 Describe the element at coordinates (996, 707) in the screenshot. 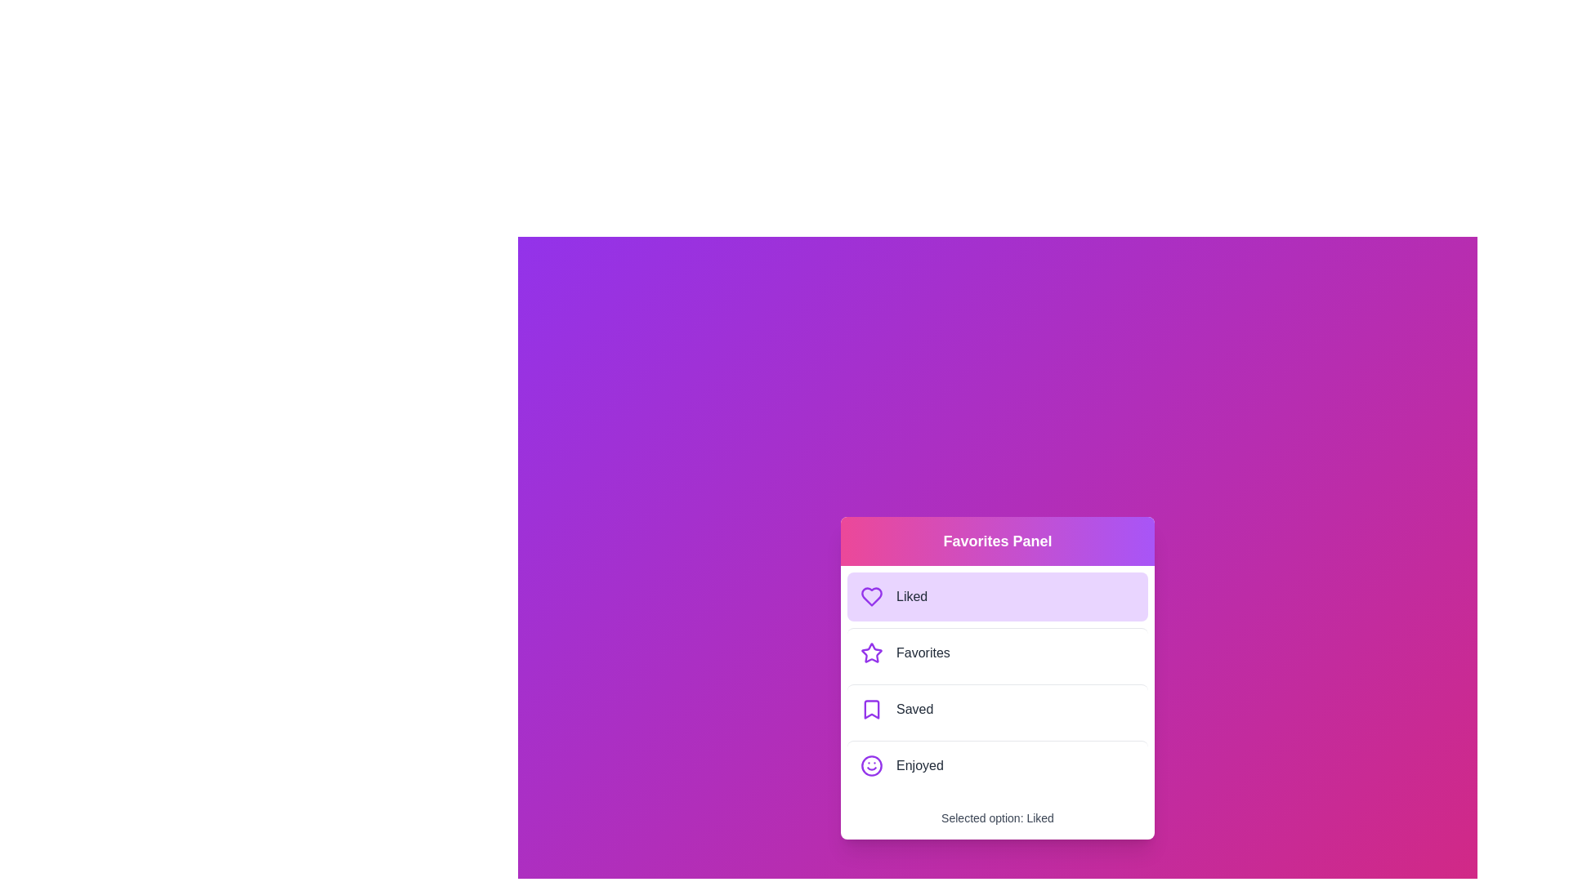

I see `the menu option corresponding to Saved in the FavoritesMenu` at that location.